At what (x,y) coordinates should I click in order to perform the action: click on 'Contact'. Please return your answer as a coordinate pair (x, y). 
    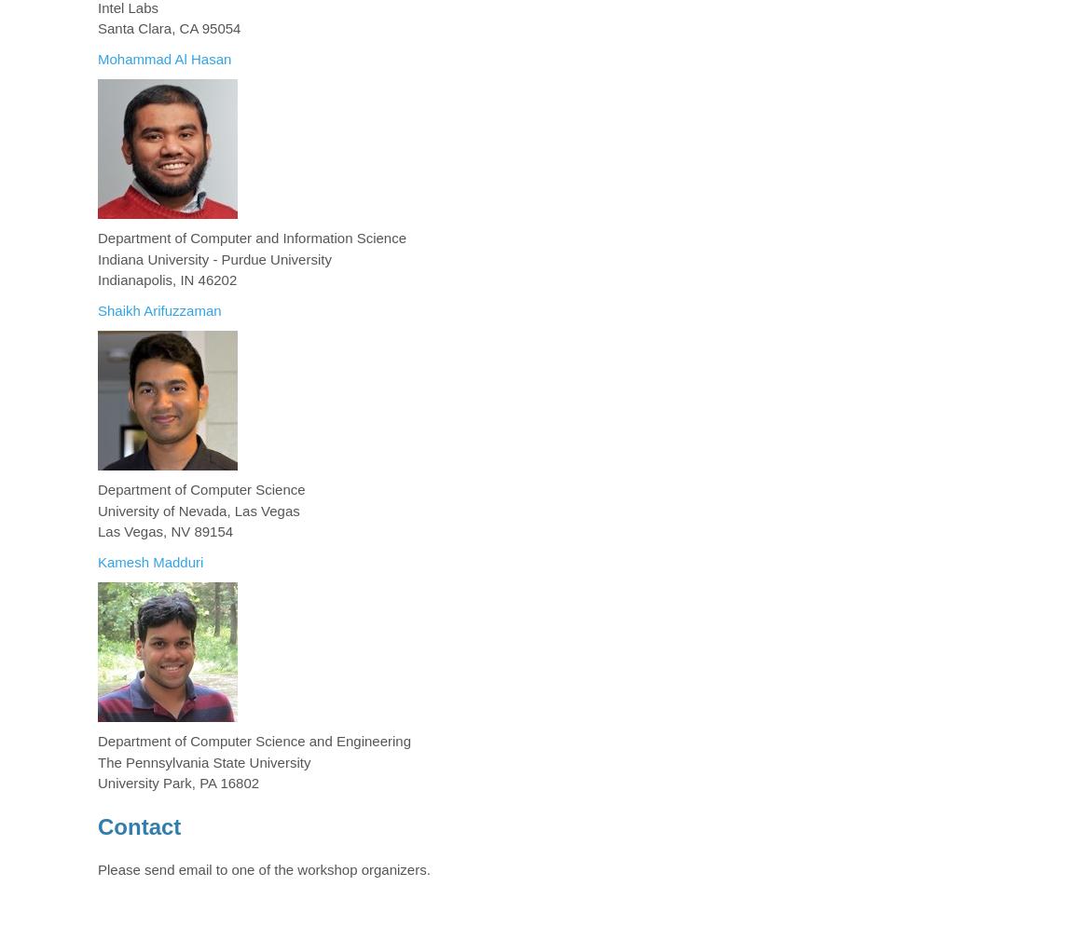
    Looking at the image, I should click on (138, 825).